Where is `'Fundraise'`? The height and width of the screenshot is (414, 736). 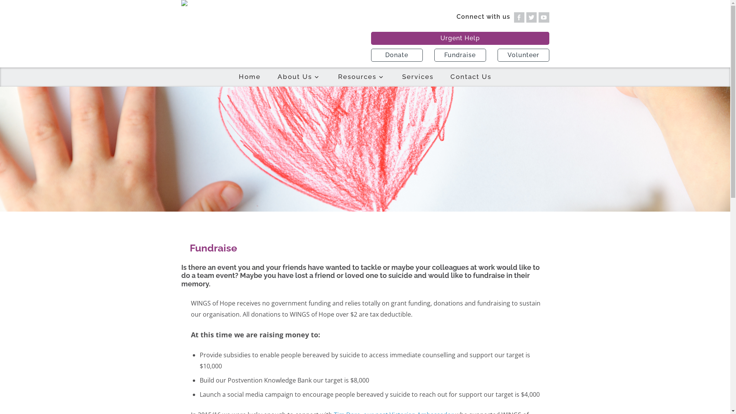
'Fundraise' is located at coordinates (460, 54).